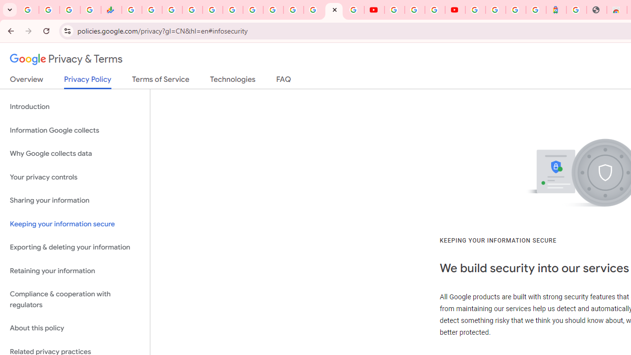 The height and width of the screenshot is (355, 631). I want to click on 'Privacy Policy', so click(87, 81).